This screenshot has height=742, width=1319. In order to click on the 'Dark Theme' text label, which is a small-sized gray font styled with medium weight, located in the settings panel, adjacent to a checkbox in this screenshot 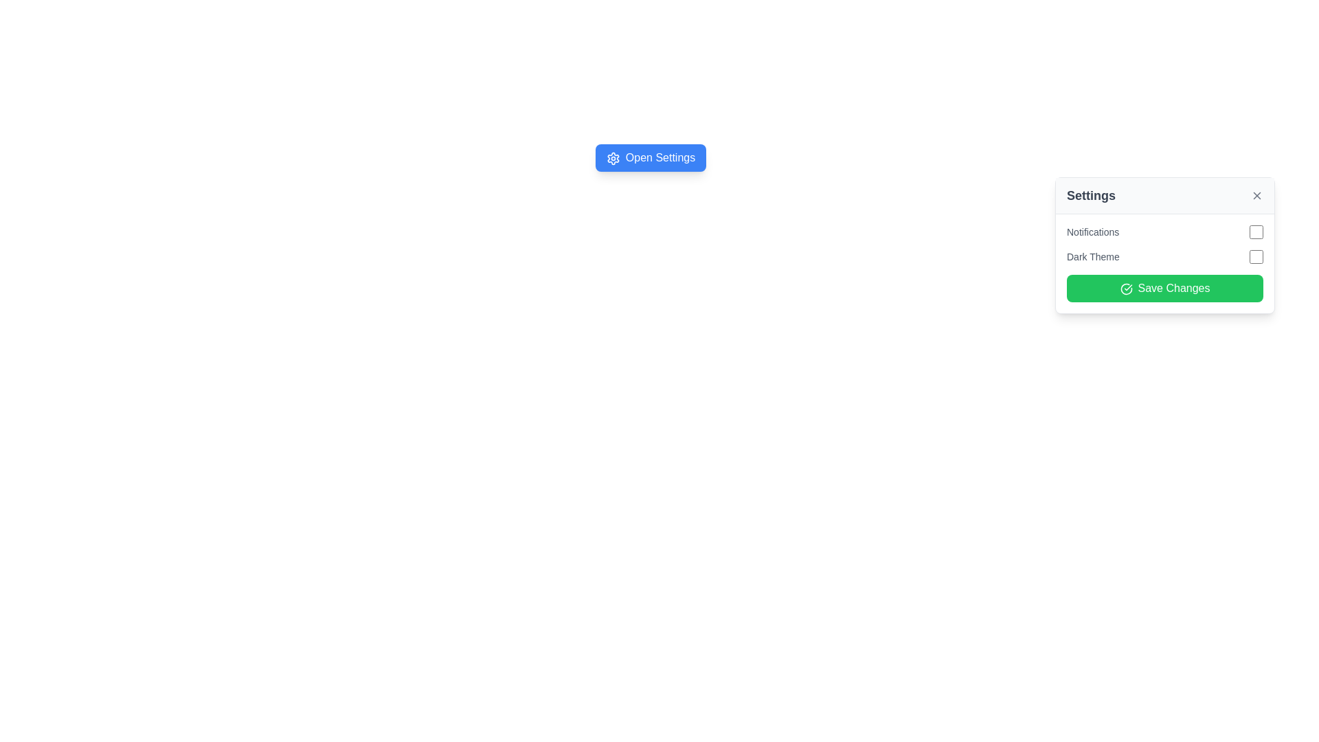, I will do `click(1092, 257)`.